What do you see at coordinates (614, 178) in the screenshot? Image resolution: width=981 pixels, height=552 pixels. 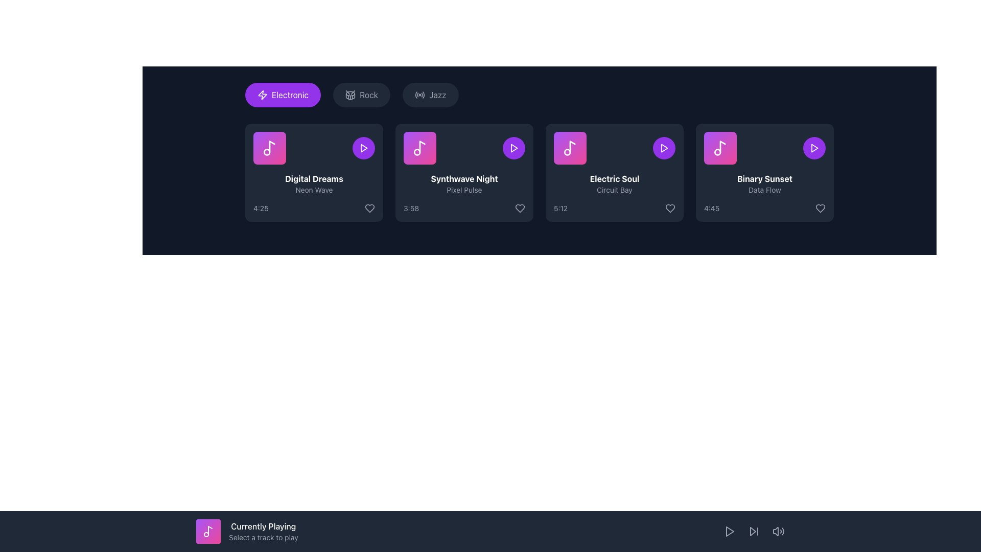 I see `the Text Label that displays the title of a music track, which is centrally positioned above the smaller text 'Circuit Bay' within its card element` at bounding box center [614, 178].